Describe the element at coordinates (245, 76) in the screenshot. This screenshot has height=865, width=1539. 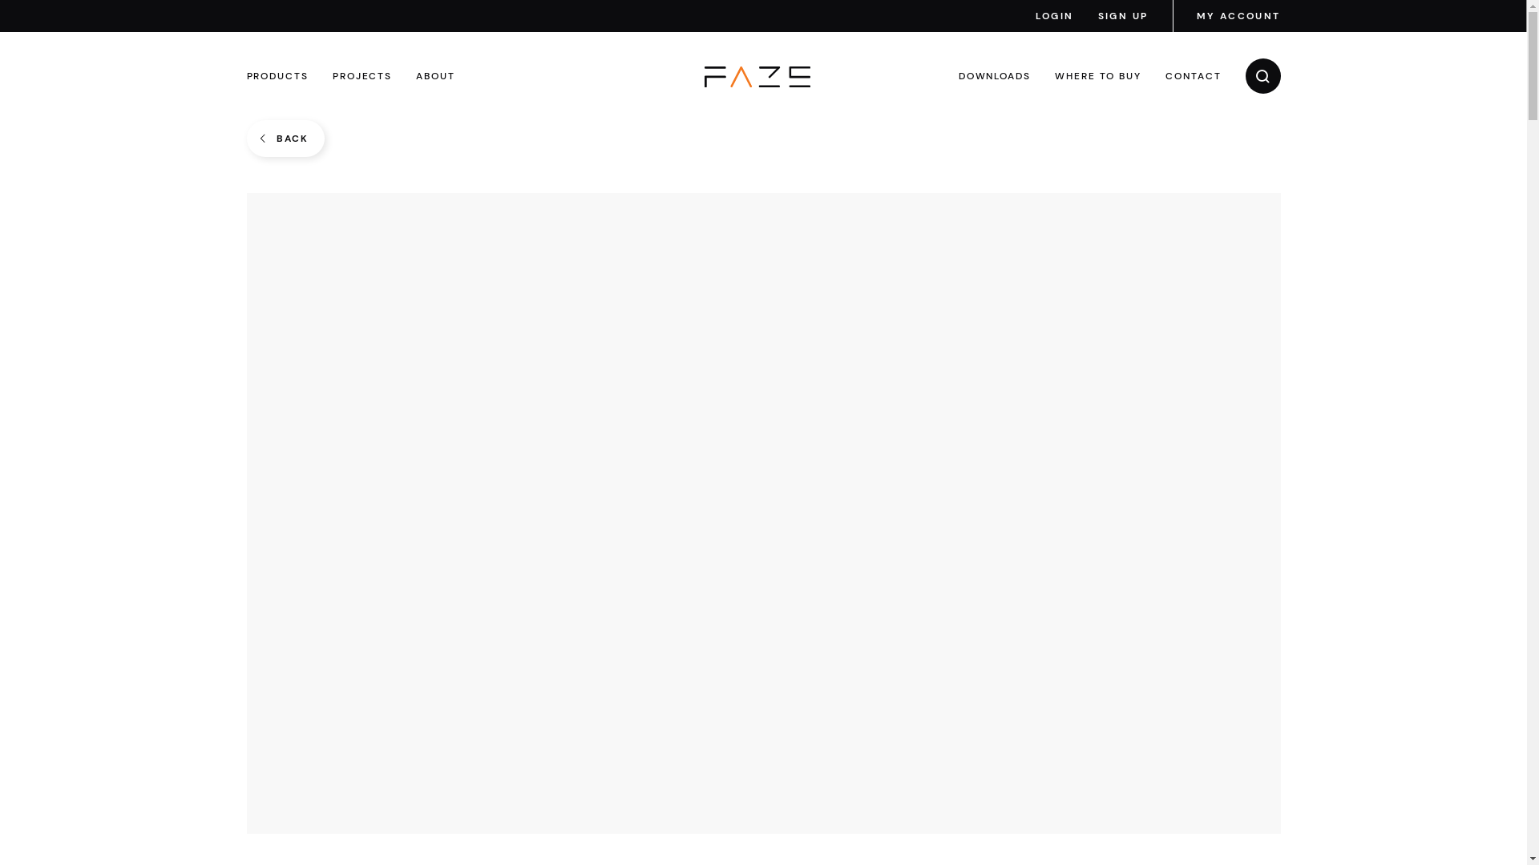
I see `'PRODUCTS'` at that location.